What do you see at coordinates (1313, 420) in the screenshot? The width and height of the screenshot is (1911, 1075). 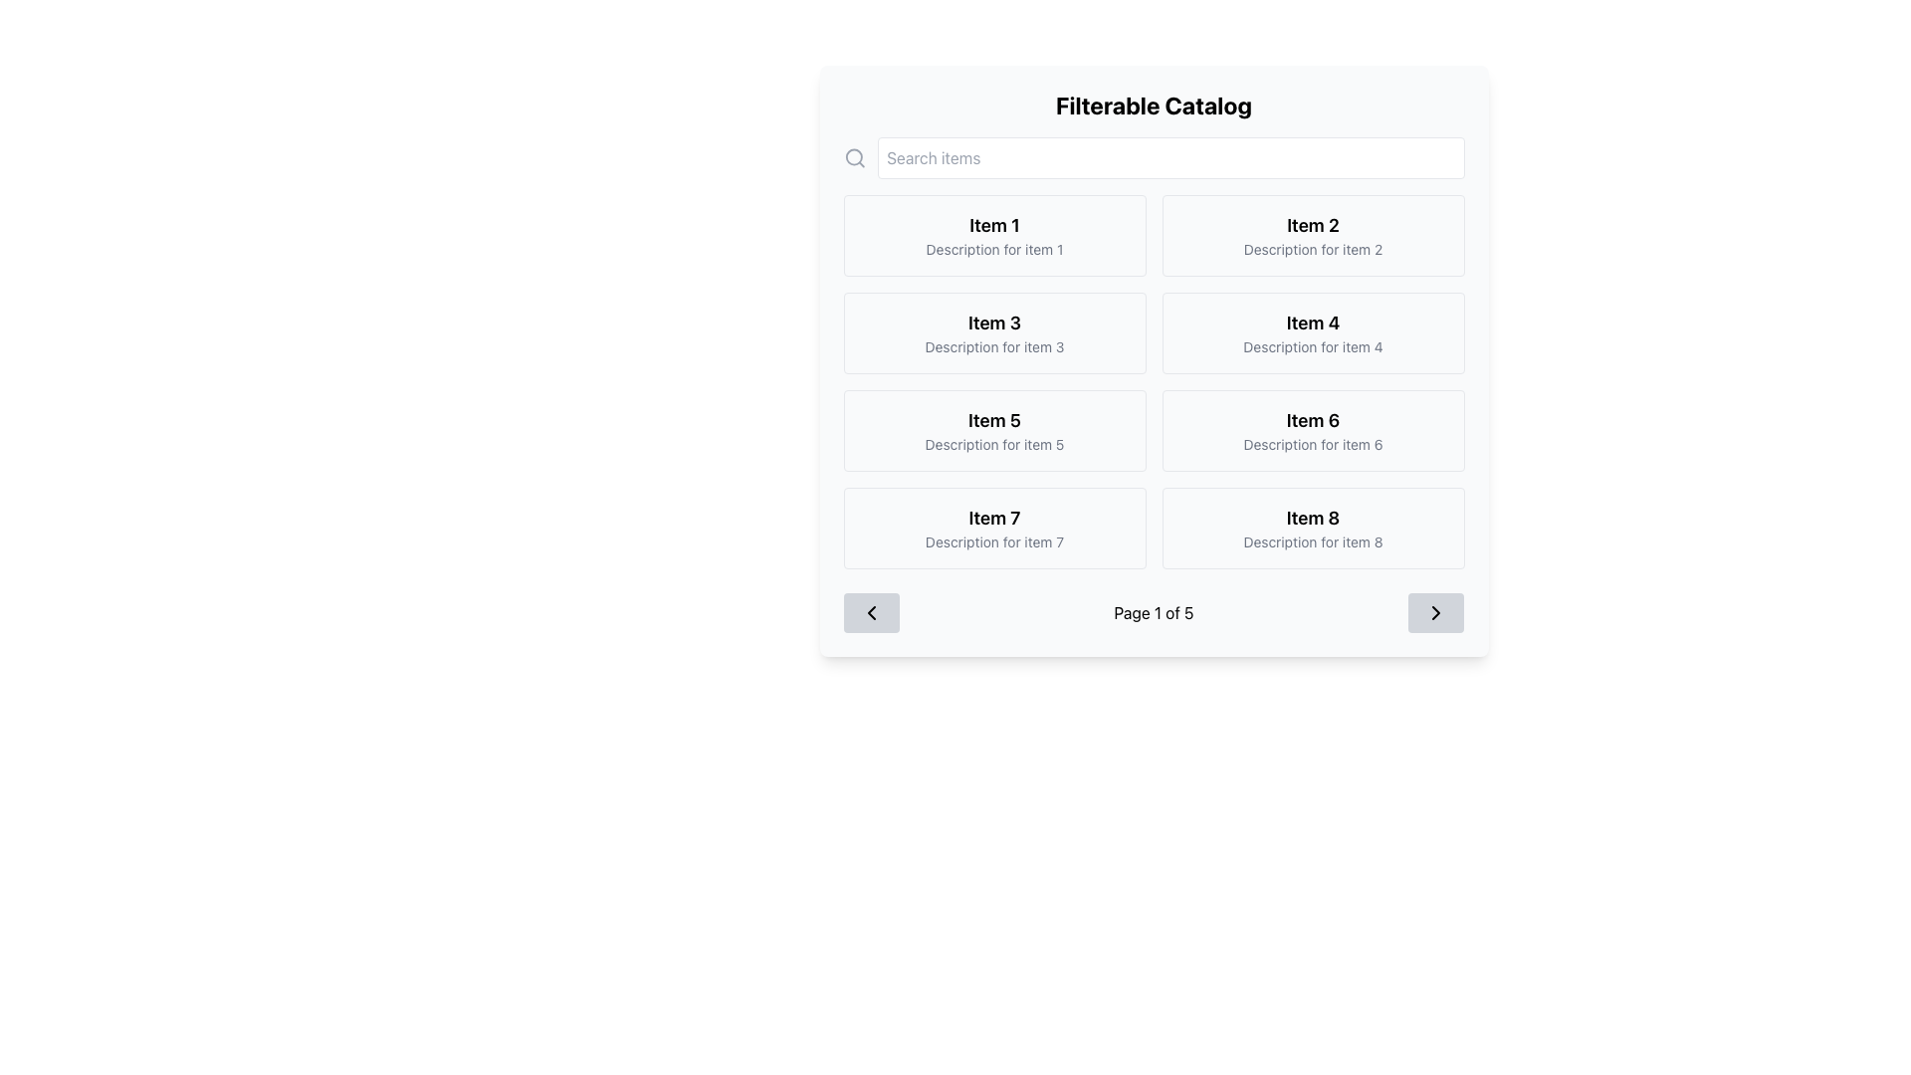 I see `the static text label reading 'Item 6', which is styled with a bold and large font and located within a bordered, rounded box in the second row, second column of the grid under the main title 'Filterable Catalog'` at bounding box center [1313, 420].